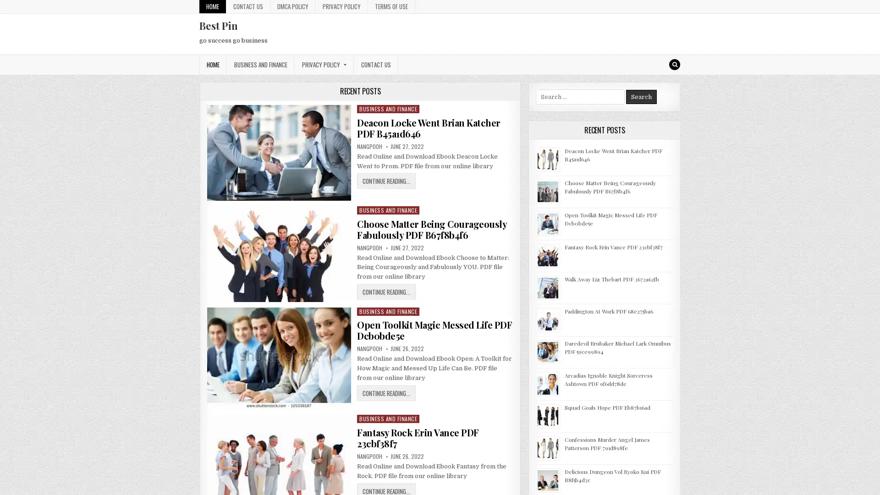  What do you see at coordinates (641, 97) in the screenshot?
I see `Search` at bounding box center [641, 97].